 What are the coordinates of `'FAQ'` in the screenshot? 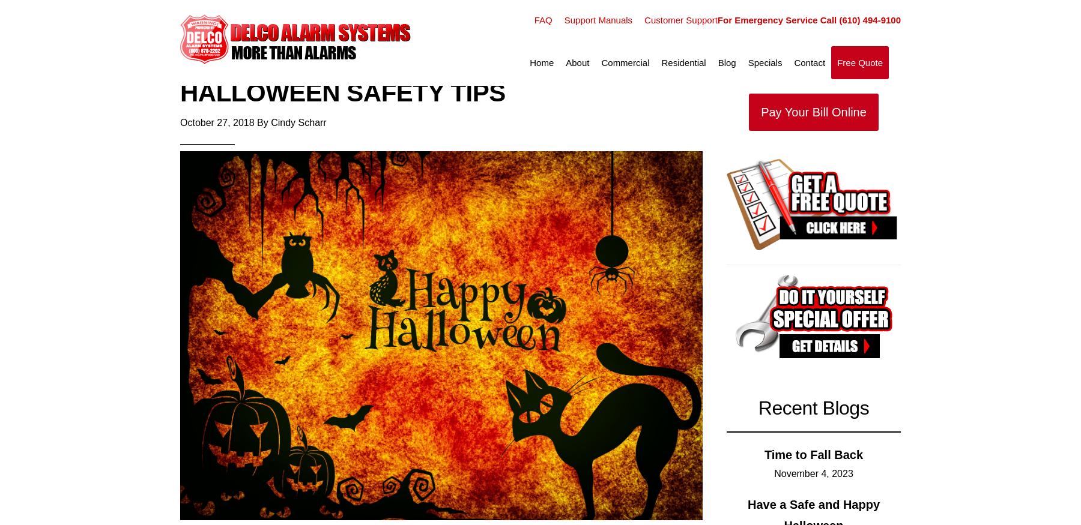 It's located at (542, 19).